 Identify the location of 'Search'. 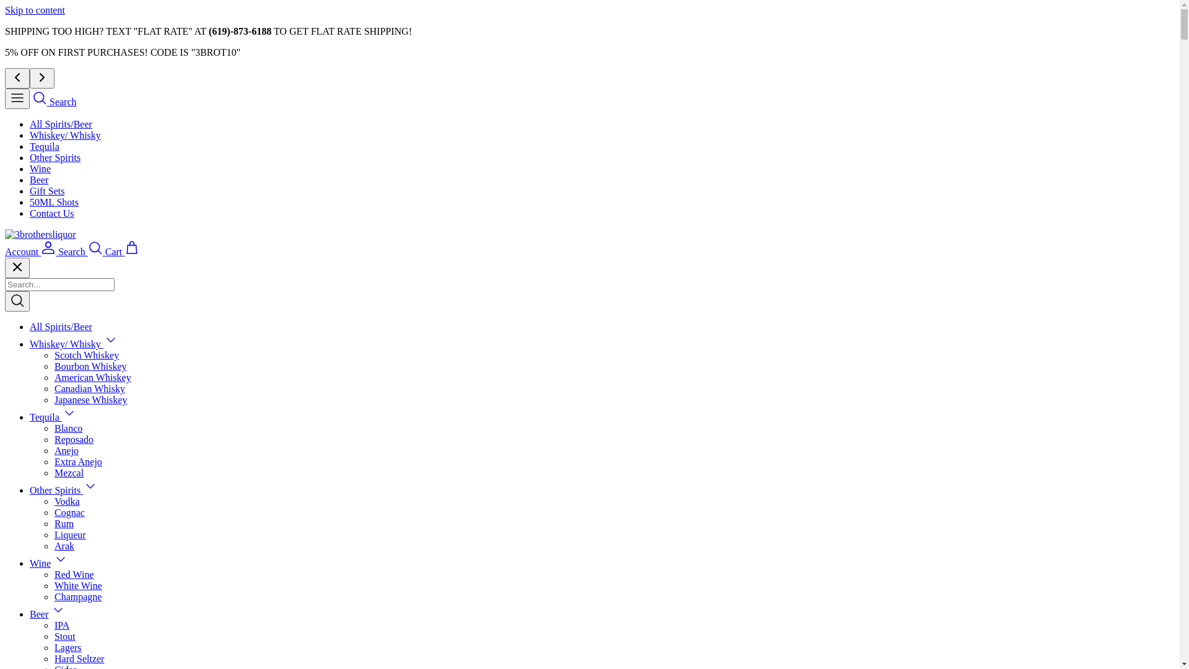
(53, 101).